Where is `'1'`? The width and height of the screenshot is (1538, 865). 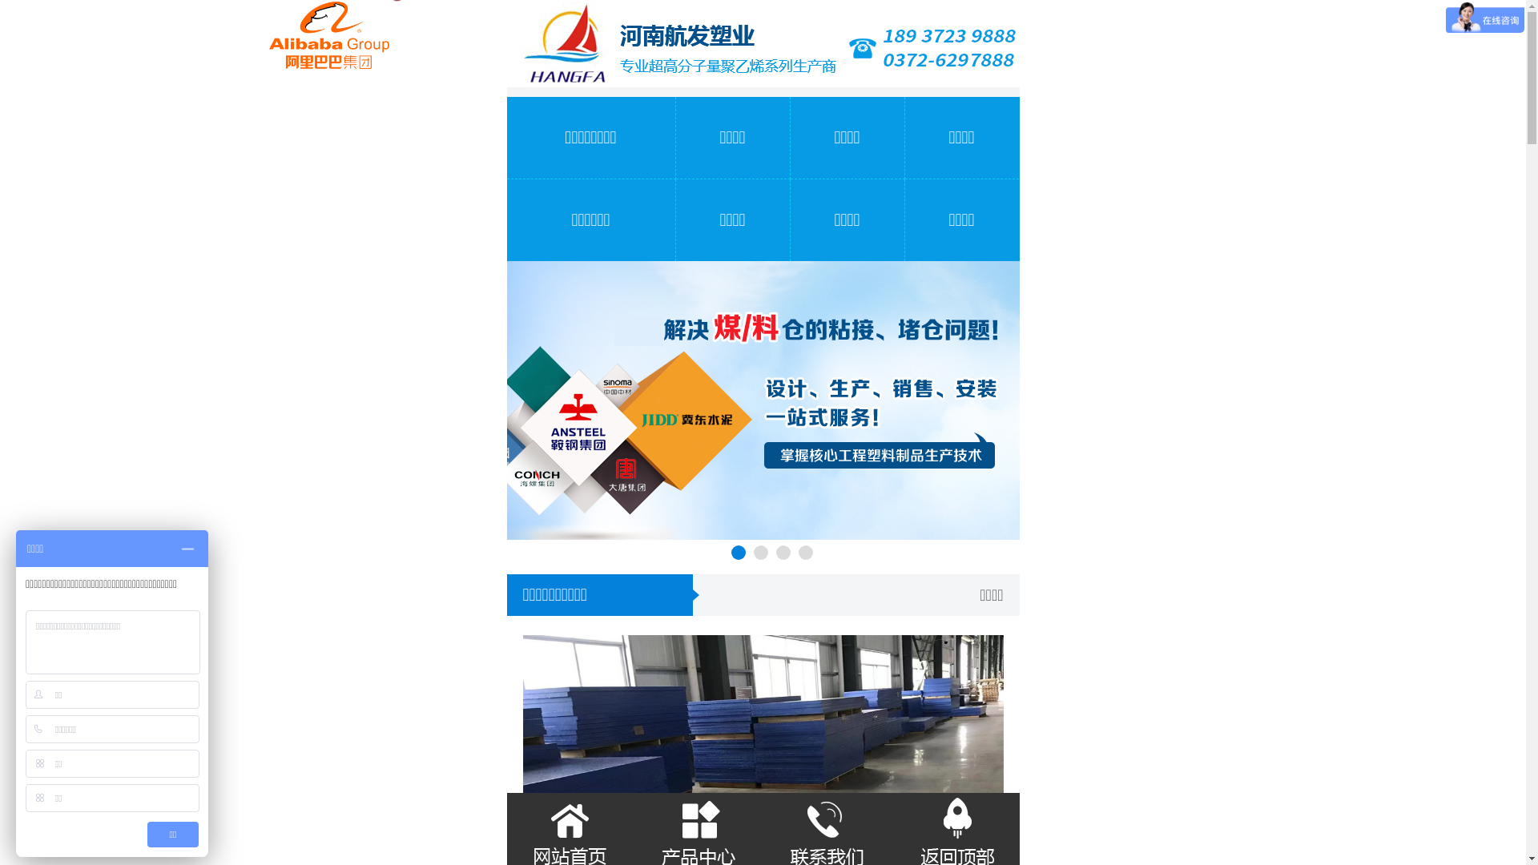 '1' is located at coordinates (737, 552).